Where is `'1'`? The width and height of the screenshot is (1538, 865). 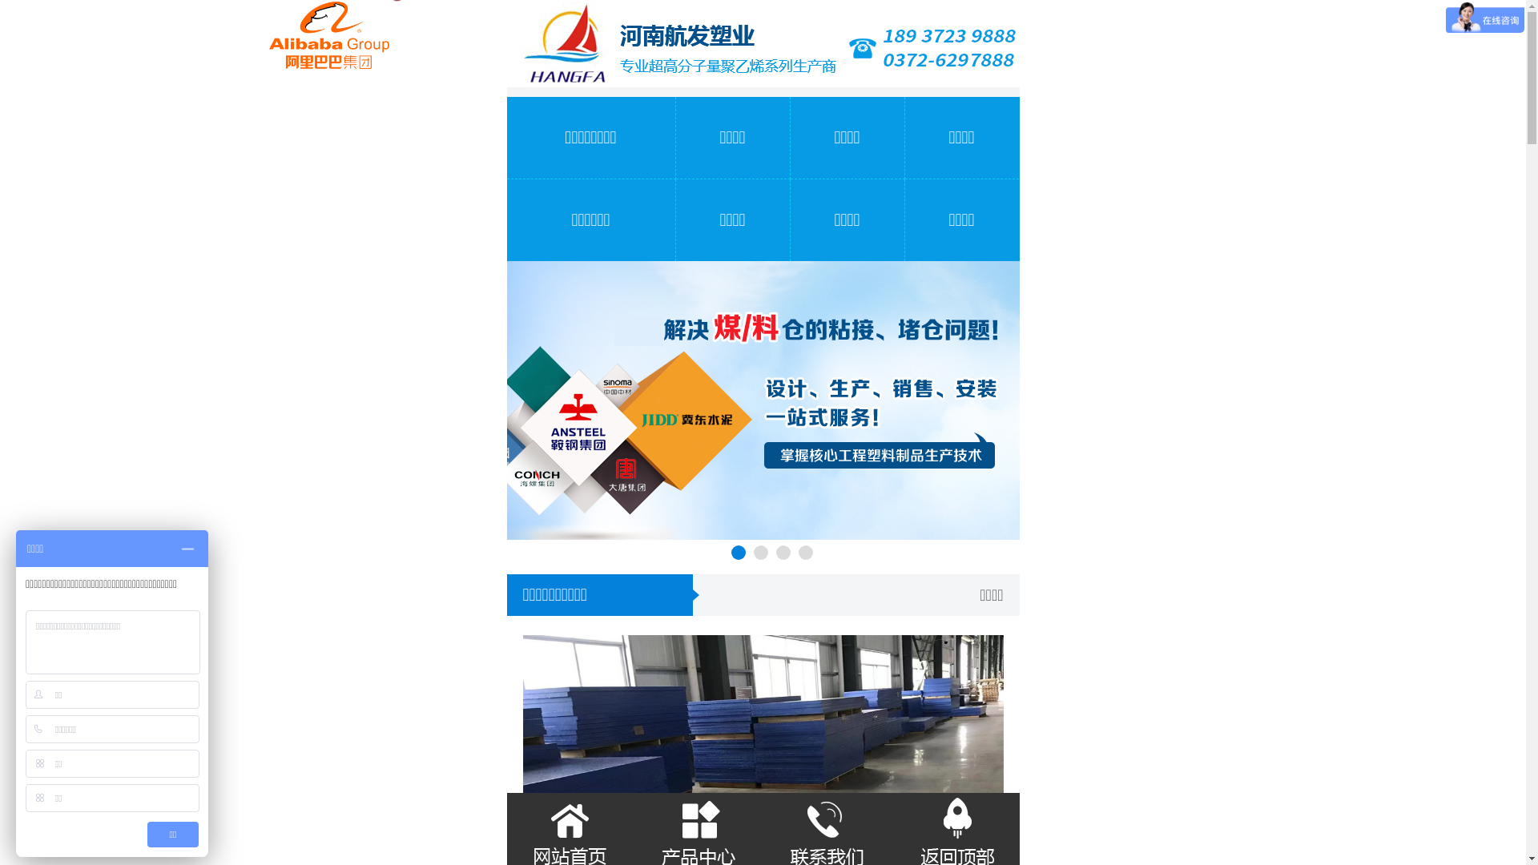 '1' is located at coordinates (737, 552).